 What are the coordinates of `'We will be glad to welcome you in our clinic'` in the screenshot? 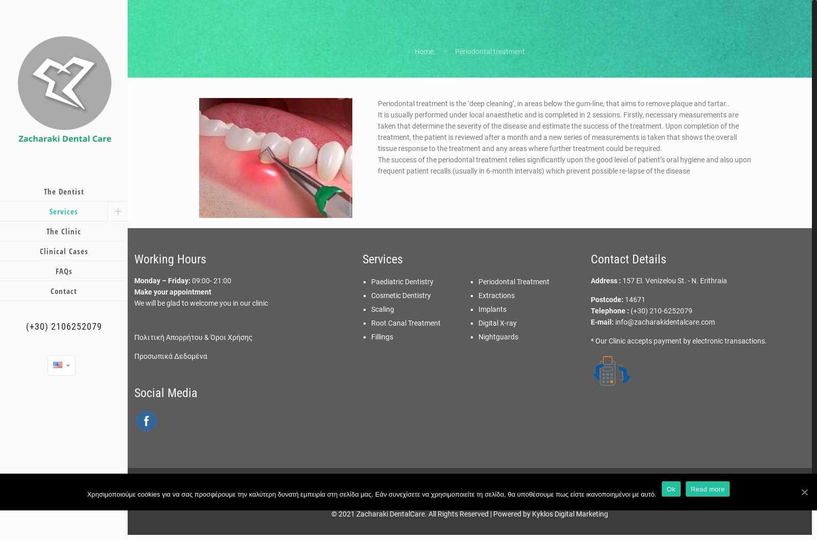 It's located at (201, 303).